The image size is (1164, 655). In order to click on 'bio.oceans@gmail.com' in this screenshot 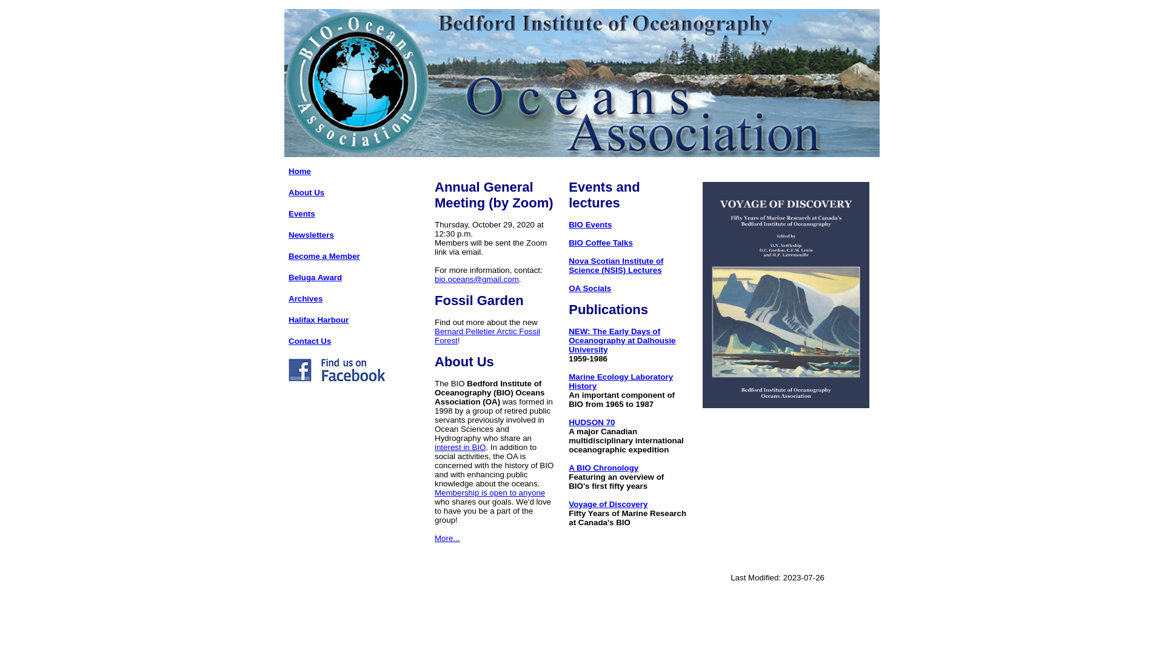, I will do `click(476, 279)`.